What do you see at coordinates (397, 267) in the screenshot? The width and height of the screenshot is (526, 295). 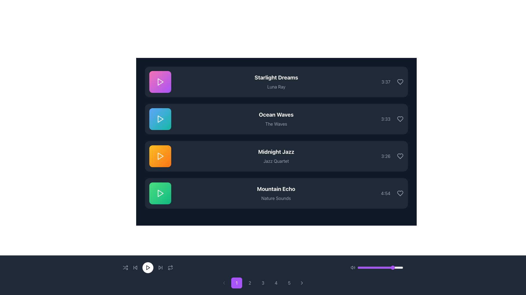 I see `the slider` at bounding box center [397, 267].